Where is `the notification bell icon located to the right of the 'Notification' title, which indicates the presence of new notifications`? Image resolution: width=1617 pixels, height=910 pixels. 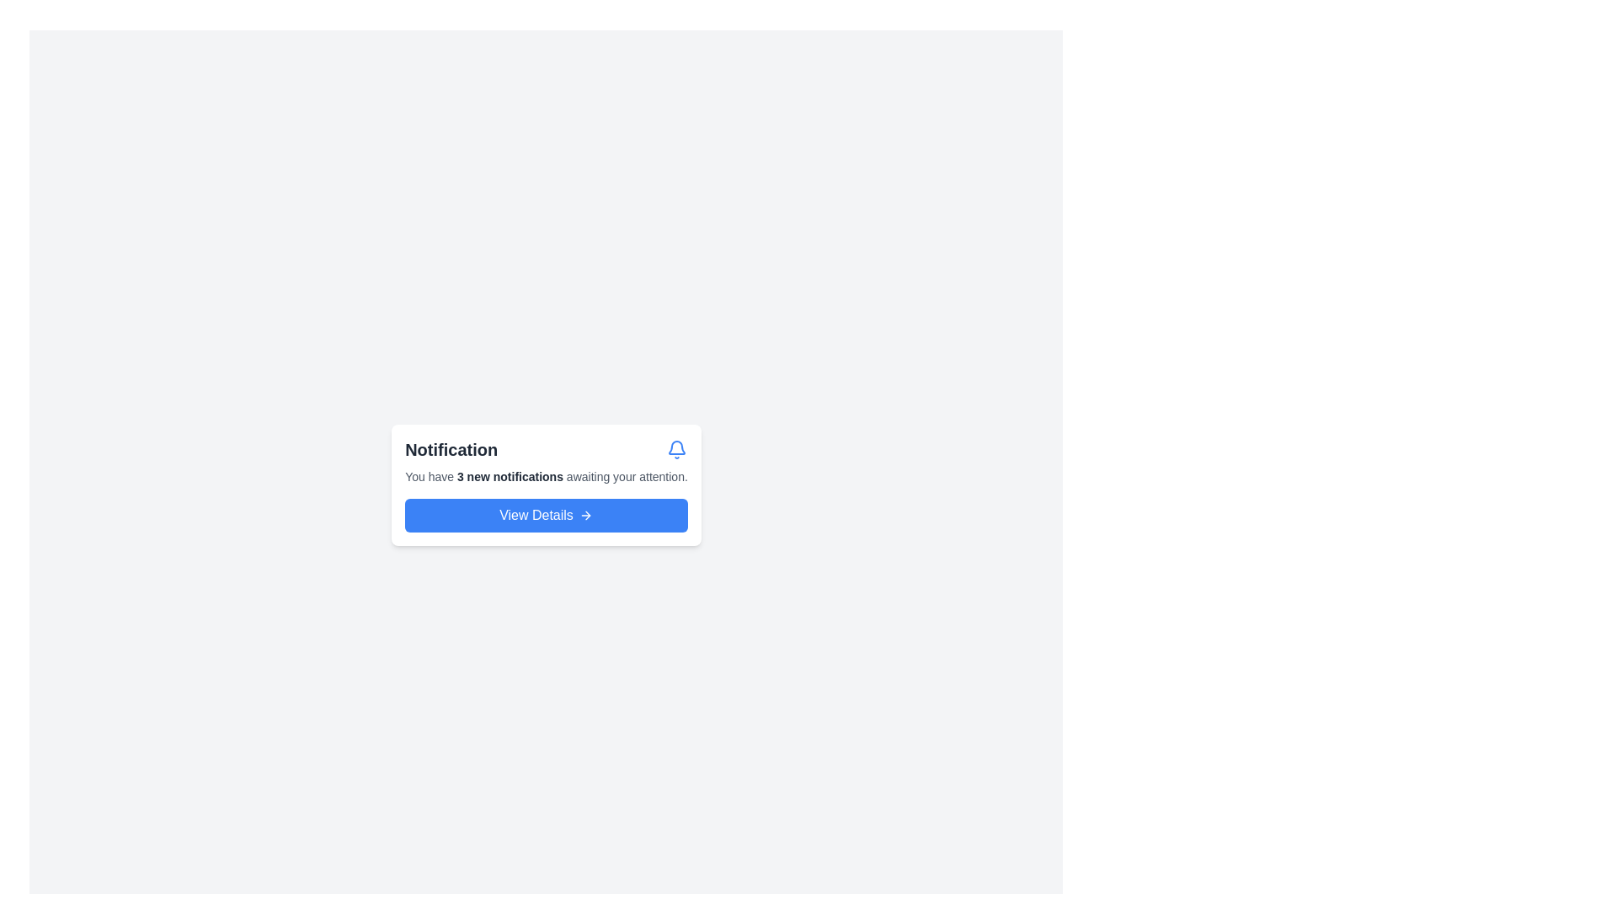 the notification bell icon located to the right of the 'Notification' title, which indicates the presence of new notifications is located at coordinates (677, 448).